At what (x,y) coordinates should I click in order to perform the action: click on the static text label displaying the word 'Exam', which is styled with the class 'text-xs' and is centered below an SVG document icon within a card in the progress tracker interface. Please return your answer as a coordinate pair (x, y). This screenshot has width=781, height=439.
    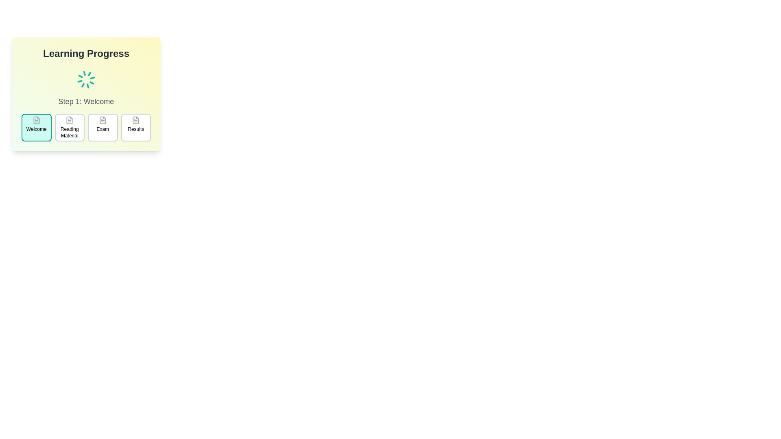
    Looking at the image, I should click on (102, 128).